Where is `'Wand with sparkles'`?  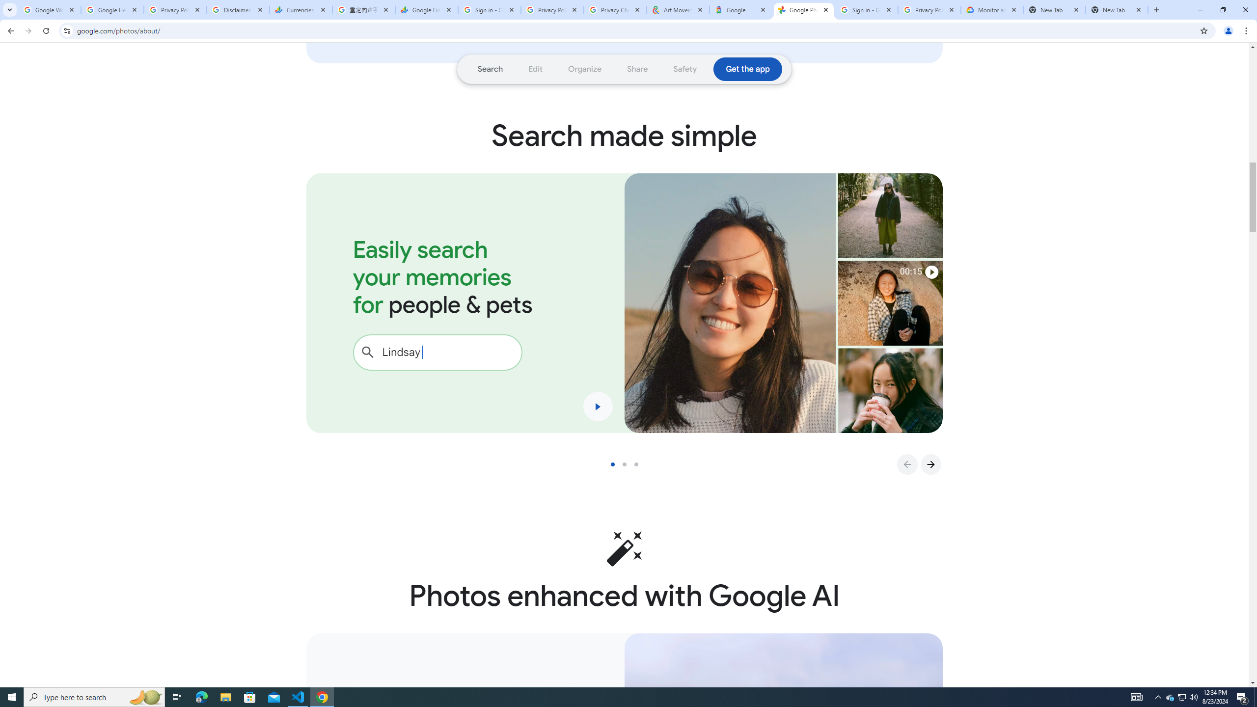 'Wand with sparkles' is located at coordinates (624, 548).